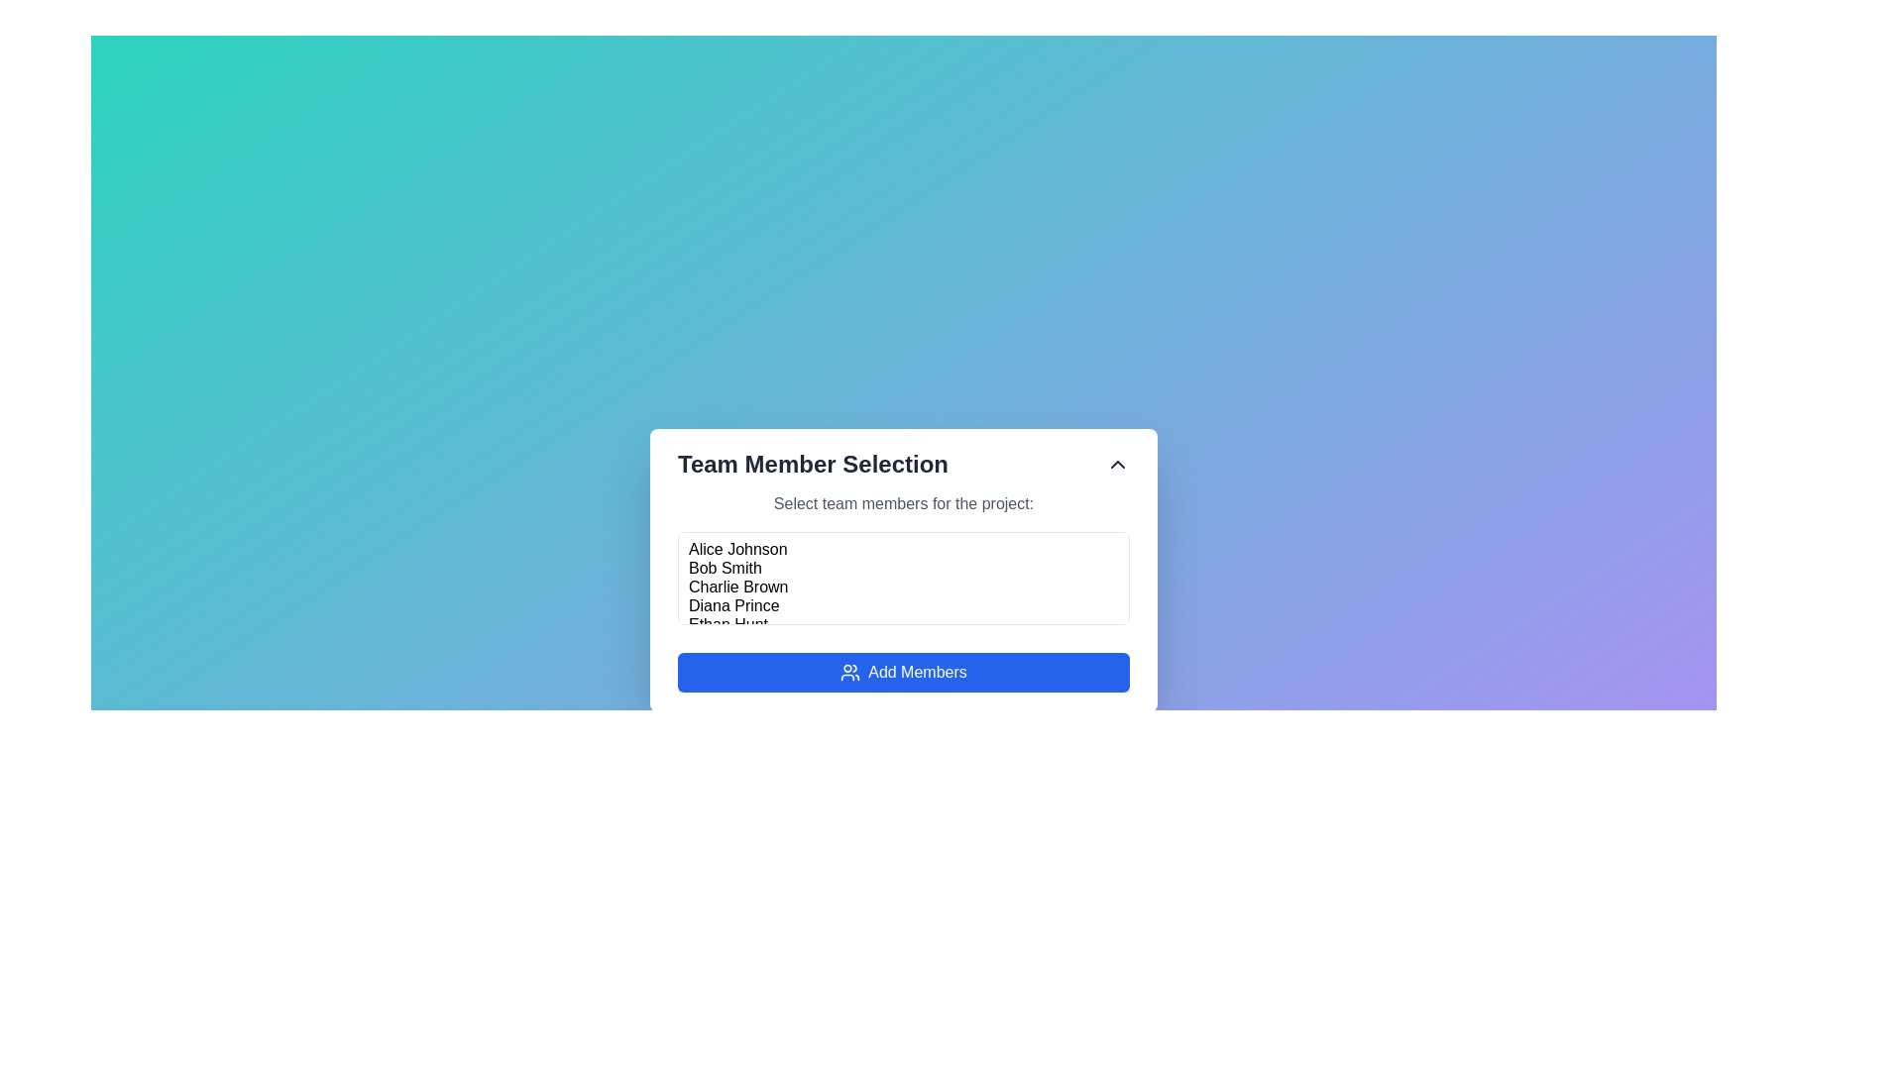 This screenshot has height=1070, width=1903. What do you see at coordinates (903, 625) in the screenshot?
I see `on the last item in the selectable list of team members, located beneath the title 'Select team members for the project'` at bounding box center [903, 625].